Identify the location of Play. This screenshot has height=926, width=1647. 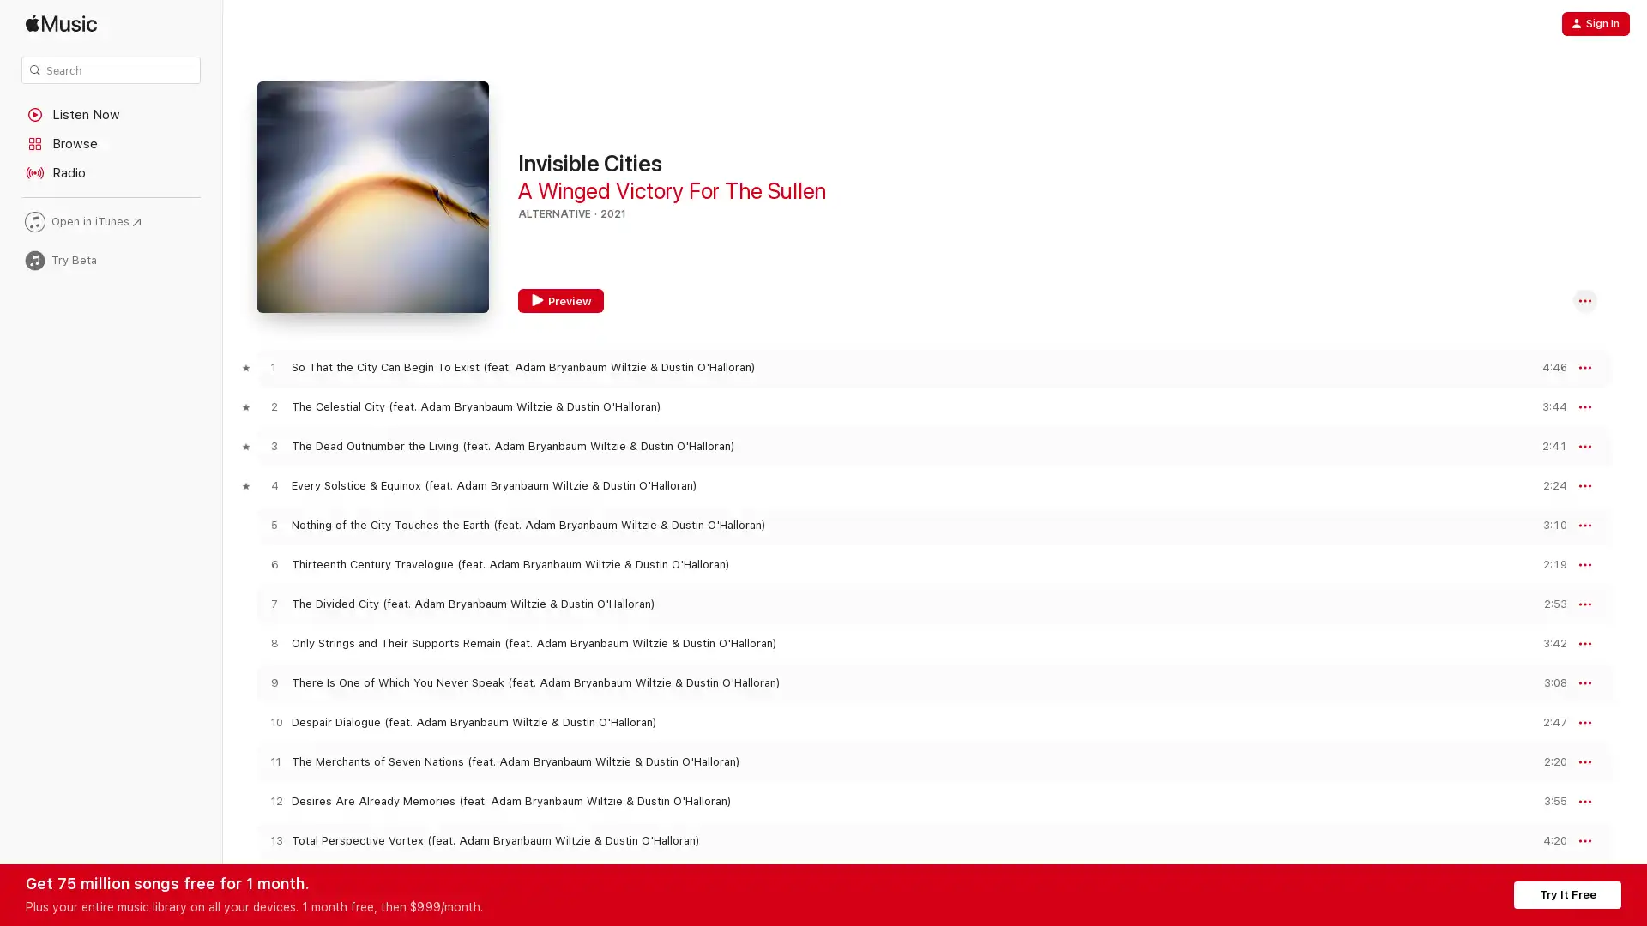
(273, 366).